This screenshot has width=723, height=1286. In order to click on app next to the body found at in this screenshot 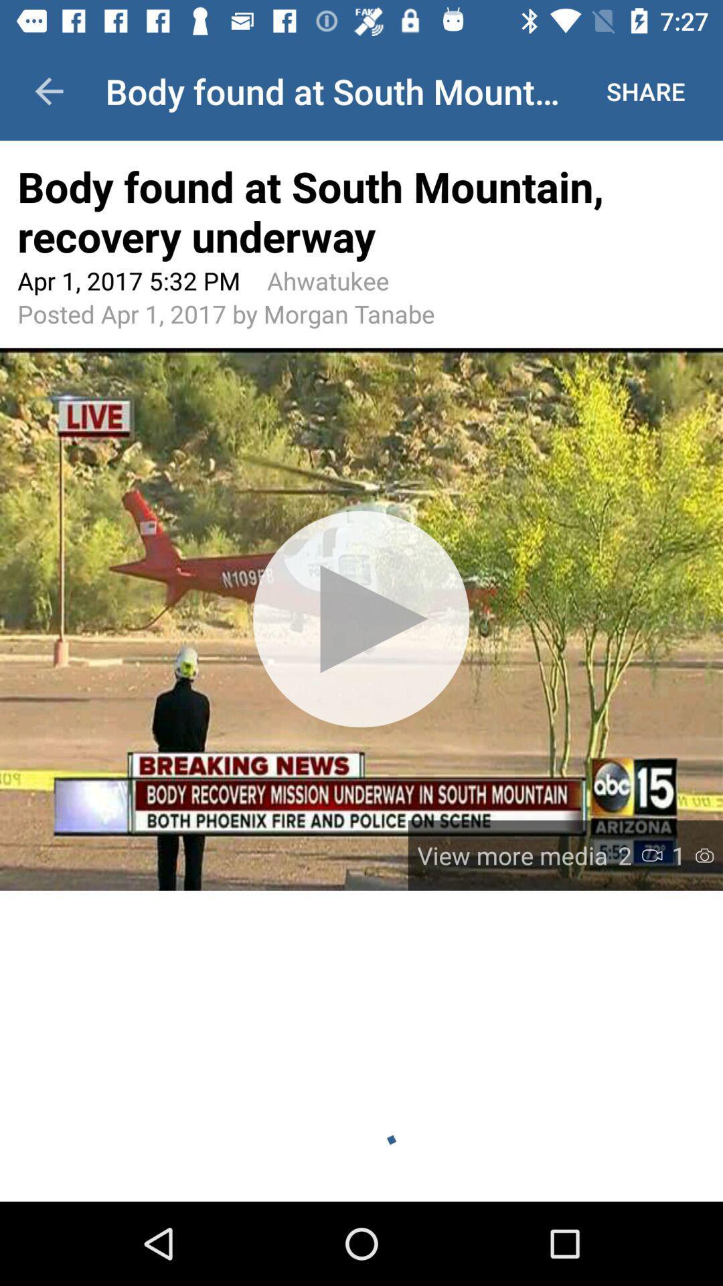, I will do `click(48, 90)`.